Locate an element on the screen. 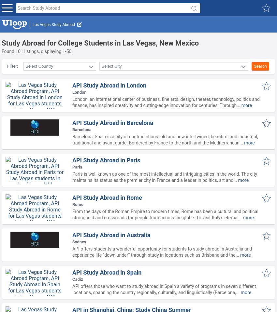  'Paris is well known as one of the most intellectual and intriguing cities in the world. The city maintains its status as the premier city in France and a leader in politics, art and...' is located at coordinates (165, 177).